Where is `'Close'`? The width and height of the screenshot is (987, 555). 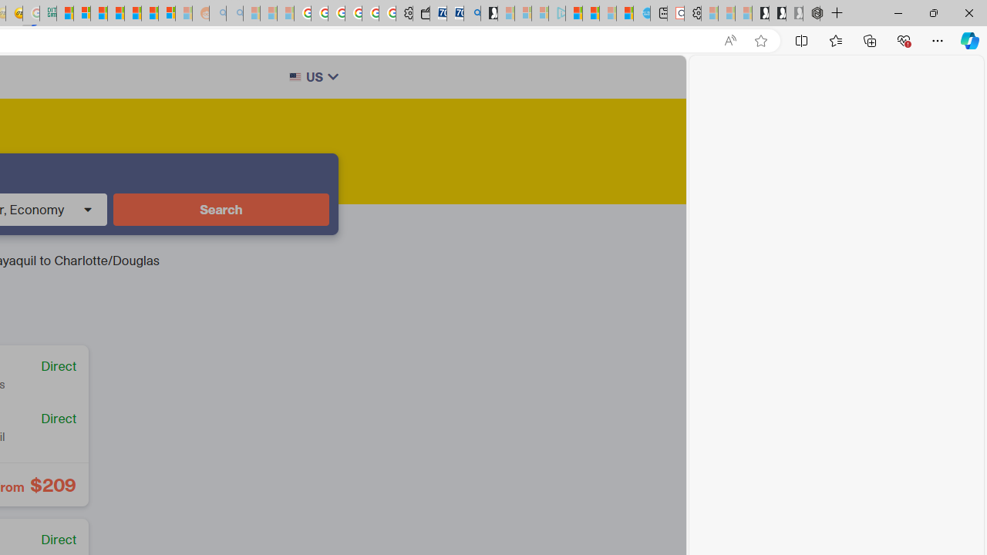
'Close' is located at coordinates (968, 12).